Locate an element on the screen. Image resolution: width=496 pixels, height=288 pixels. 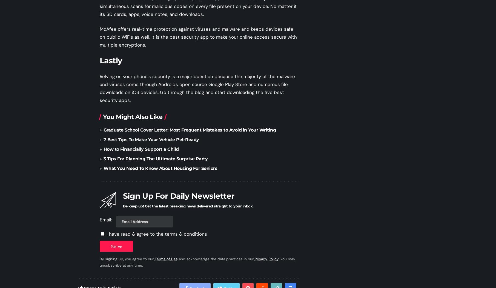
'McAfee offers real-time protection against viruses and malware and keeps devices safe on public WiFis as well. It is the best security app to make your online access secure with multiple encryptions.' is located at coordinates (99, 36).